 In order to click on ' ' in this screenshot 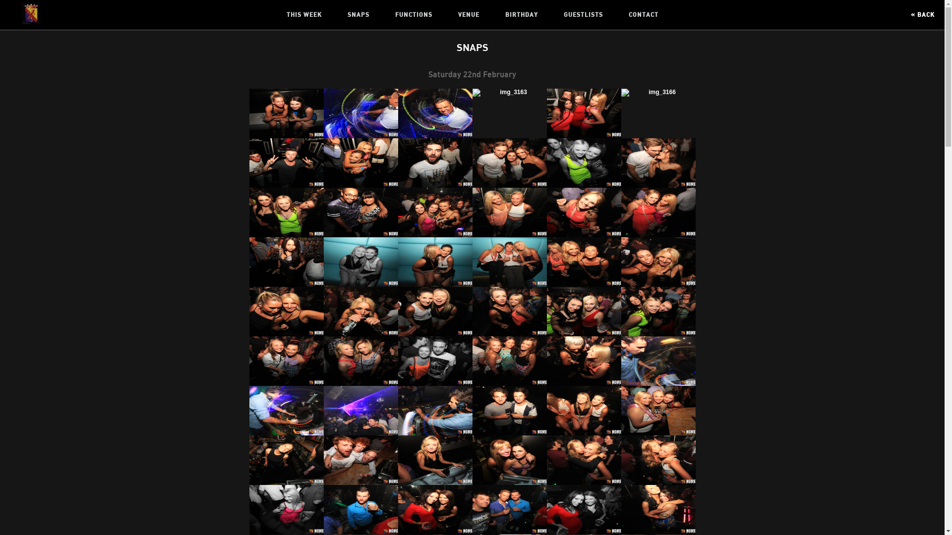, I will do `click(249, 311)`.